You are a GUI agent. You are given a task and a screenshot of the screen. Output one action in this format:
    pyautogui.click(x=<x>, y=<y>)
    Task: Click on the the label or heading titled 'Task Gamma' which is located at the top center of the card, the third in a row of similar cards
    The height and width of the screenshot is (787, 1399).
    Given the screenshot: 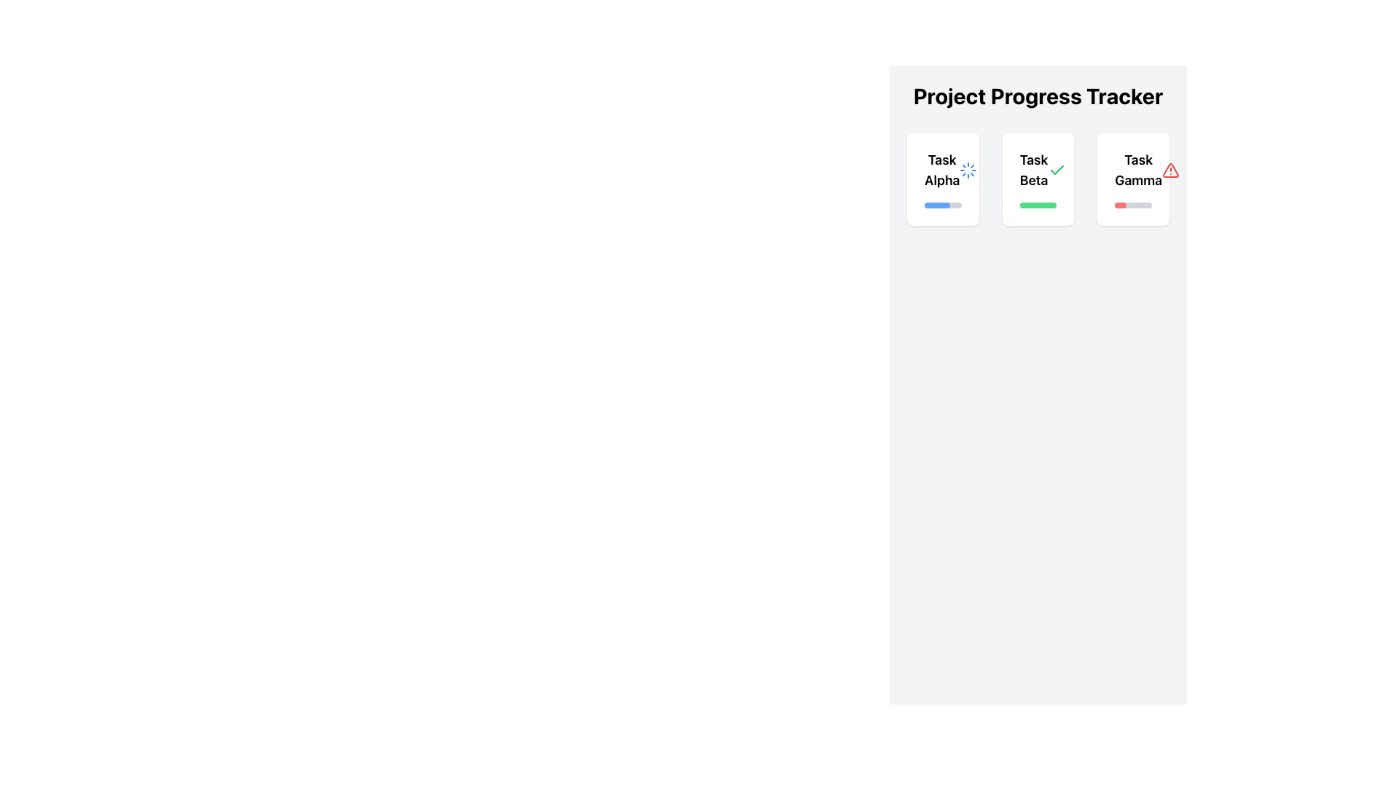 What is the action you would take?
    pyautogui.click(x=1132, y=170)
    